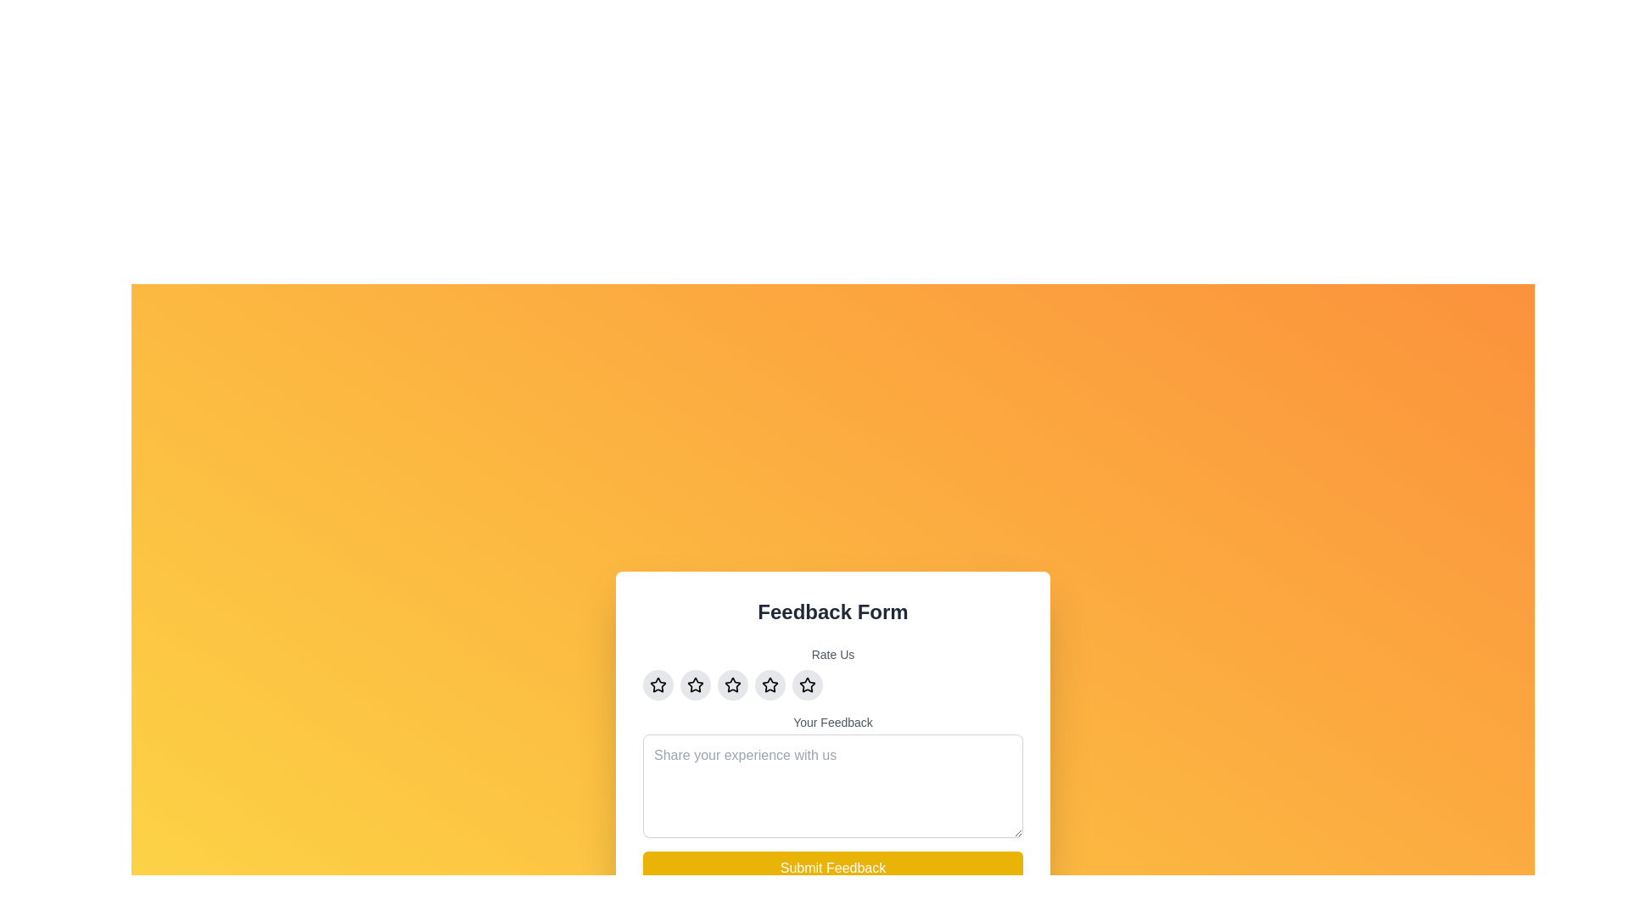 This screenshot has height=916, width=1629. Describe the element at coordinates (806, 684) in the screenshot. I see `the fifth star icon in the rating component of the feedback form interface` at that location.